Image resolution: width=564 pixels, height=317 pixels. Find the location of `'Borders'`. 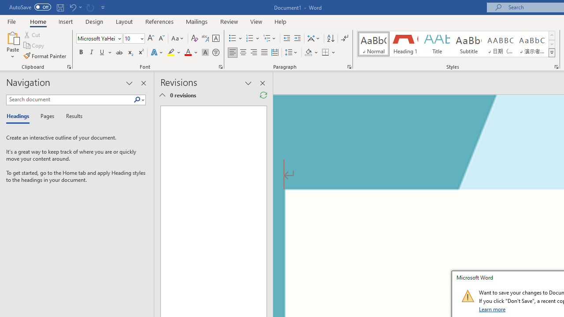

'Borders' is located at coordinates (328, 52).